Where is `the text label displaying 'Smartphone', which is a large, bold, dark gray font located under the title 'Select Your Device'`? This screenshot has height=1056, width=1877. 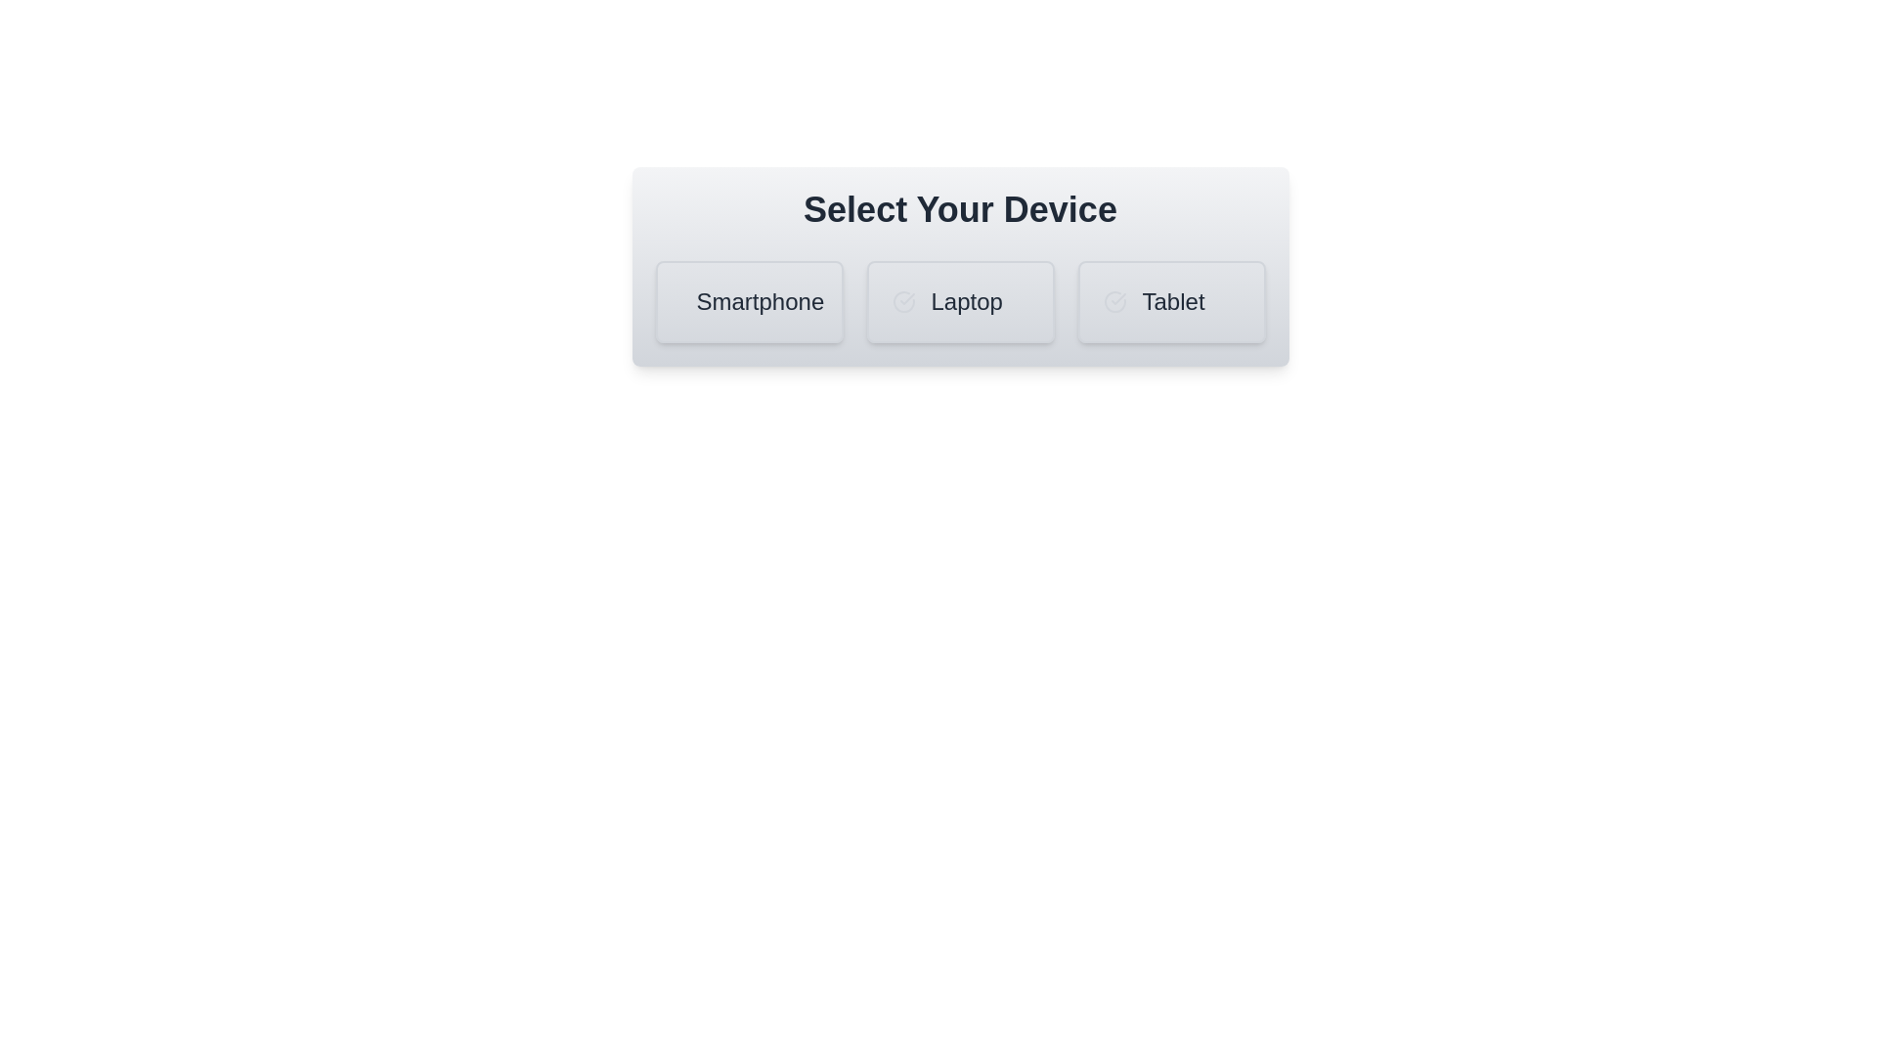 the text label displaying 'Smartphone', which is a large, bold, dark gray font located under the title 'Select Your Device' is located at coordinates (759, 301).